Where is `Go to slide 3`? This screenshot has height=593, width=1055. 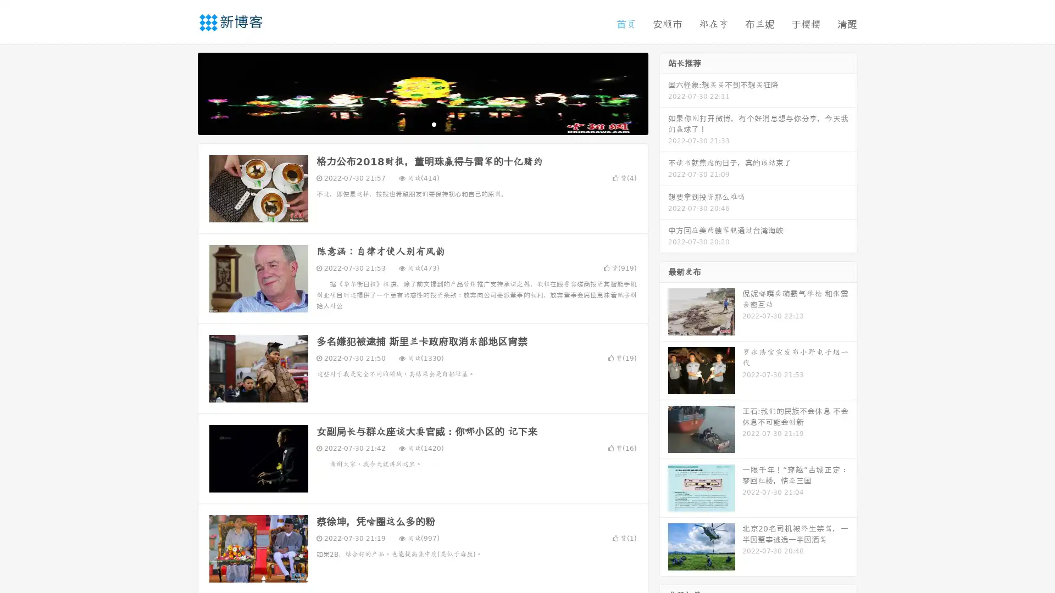
Go to slide 3 is located at coordinates (434, 124).